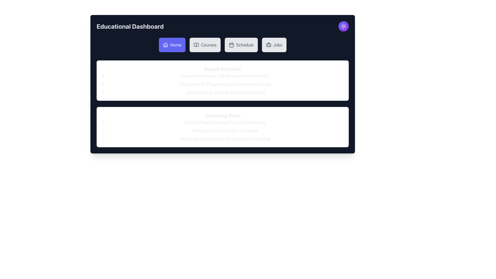 The width and height of the screenshot is (496, 279). I want to click on the 'Home' navigation link text label within the purple rectangular button that is the first in the series of navigation buttons, so click(176, 44).